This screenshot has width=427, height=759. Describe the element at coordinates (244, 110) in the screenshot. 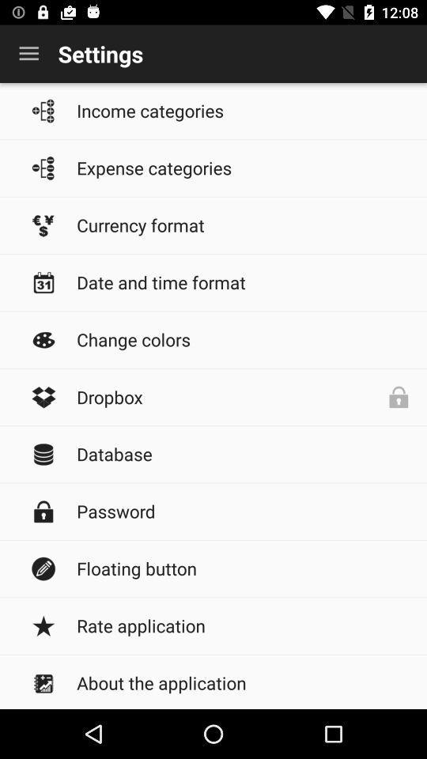

I see `income categories` at that location.